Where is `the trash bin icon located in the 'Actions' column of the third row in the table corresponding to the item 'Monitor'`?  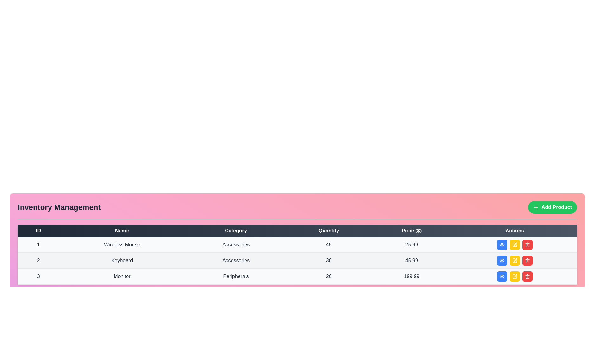
the trash bin icon located in the 'Actions' column of the third row in the table corresponding to the item 'Monitor' is located at coordinates (527, 261).